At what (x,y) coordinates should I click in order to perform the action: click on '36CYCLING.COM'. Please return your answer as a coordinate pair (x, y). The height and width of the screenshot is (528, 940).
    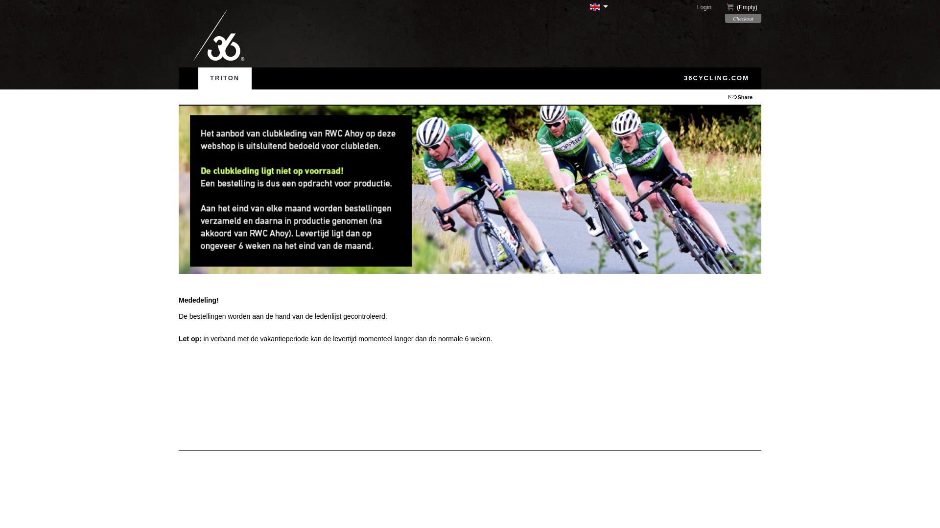
    Looking at the image, I should click on (671, 77).